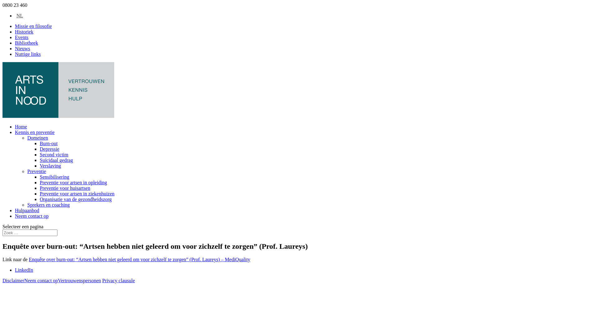  Describe the element at coordinates (37, 137) in the screenshot. I see `'Domeinen'` at that location.